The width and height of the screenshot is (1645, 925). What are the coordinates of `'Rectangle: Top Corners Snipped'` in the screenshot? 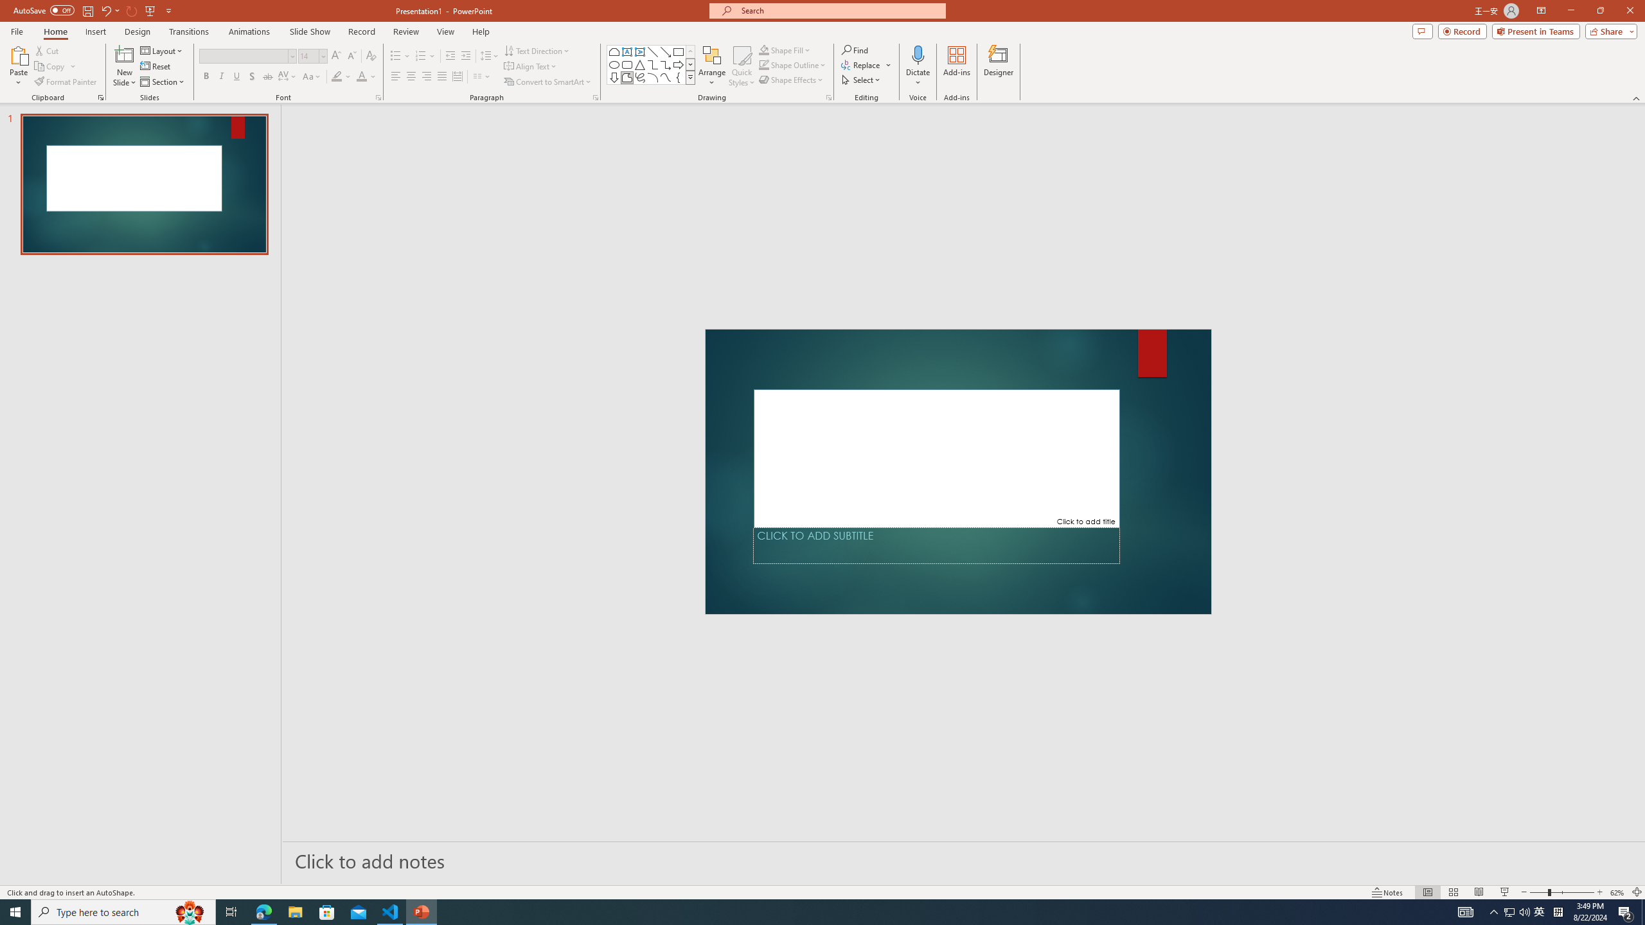 It's located at (614, 51).